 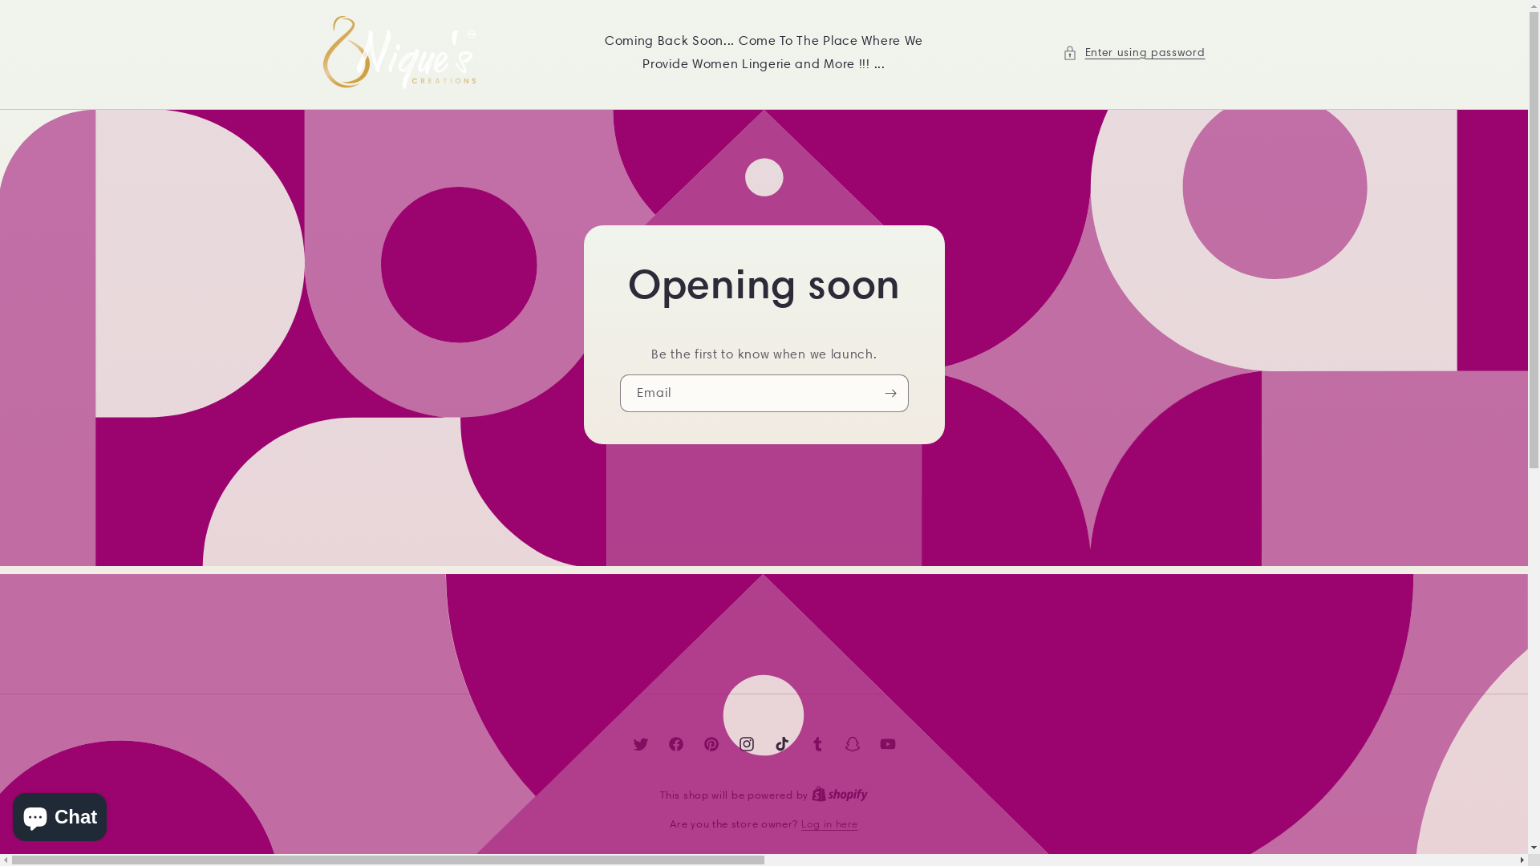 I want to click on 'Snapchat', so click(x=850, y=744).